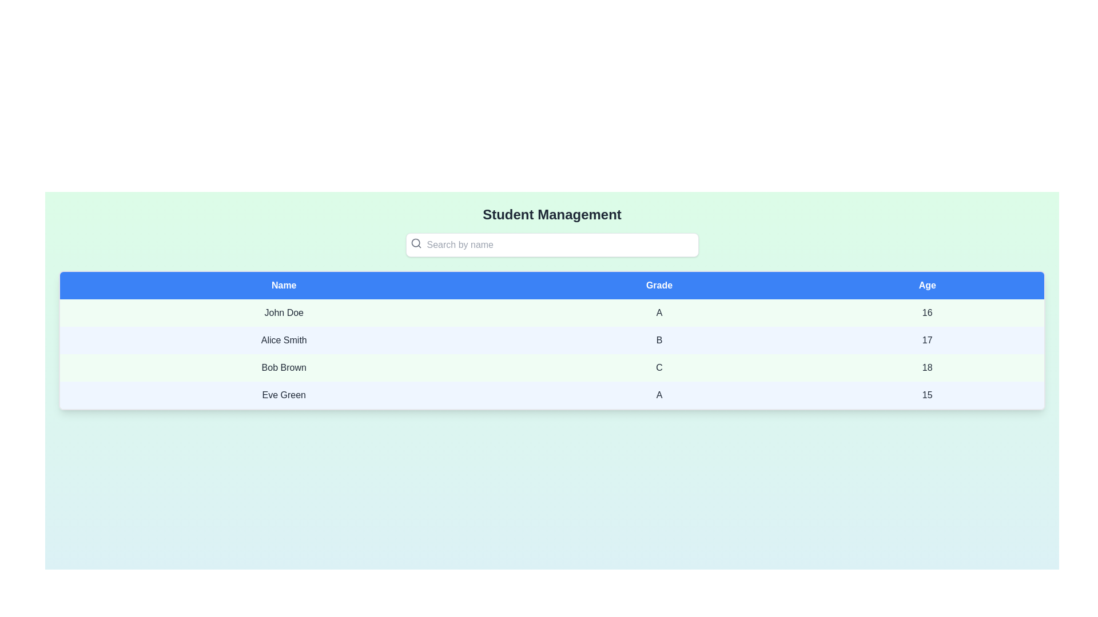 The image size is (1098, 617). What do you see at coordinates (927, 368) in the screenshot?
I see `the age display element for 'Bob Brown' in the 'Age' column of the table` at bounding box center [927, 368].